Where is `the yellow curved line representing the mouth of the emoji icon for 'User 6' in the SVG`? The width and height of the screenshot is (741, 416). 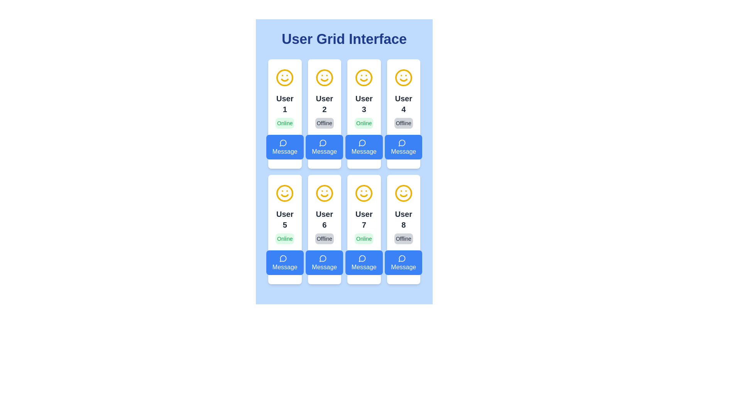
the yellow curved line representing the mouth of the emoji icon for 'User 6' in the SVG is located at coordinates (403, 195).